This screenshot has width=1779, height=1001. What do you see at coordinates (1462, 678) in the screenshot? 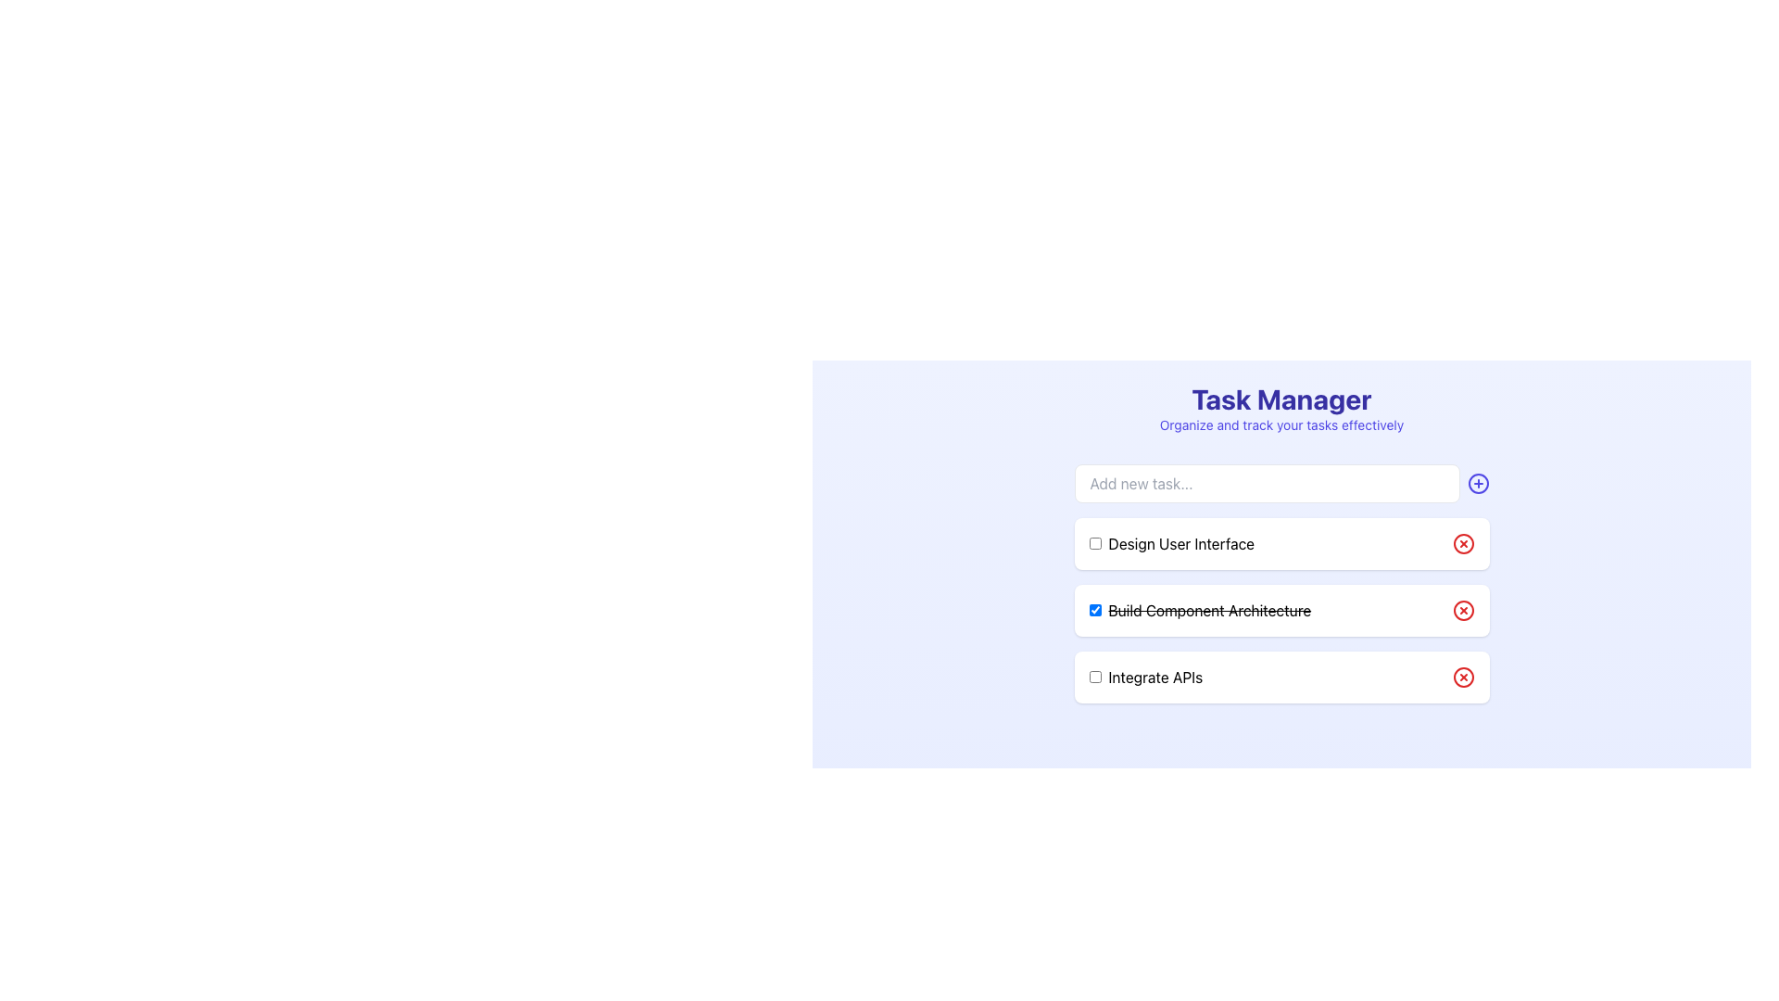
I see `the red circular SVG element that is part of the 'delete task' icon for the third task in the list` at bounding box center [1462, 678].